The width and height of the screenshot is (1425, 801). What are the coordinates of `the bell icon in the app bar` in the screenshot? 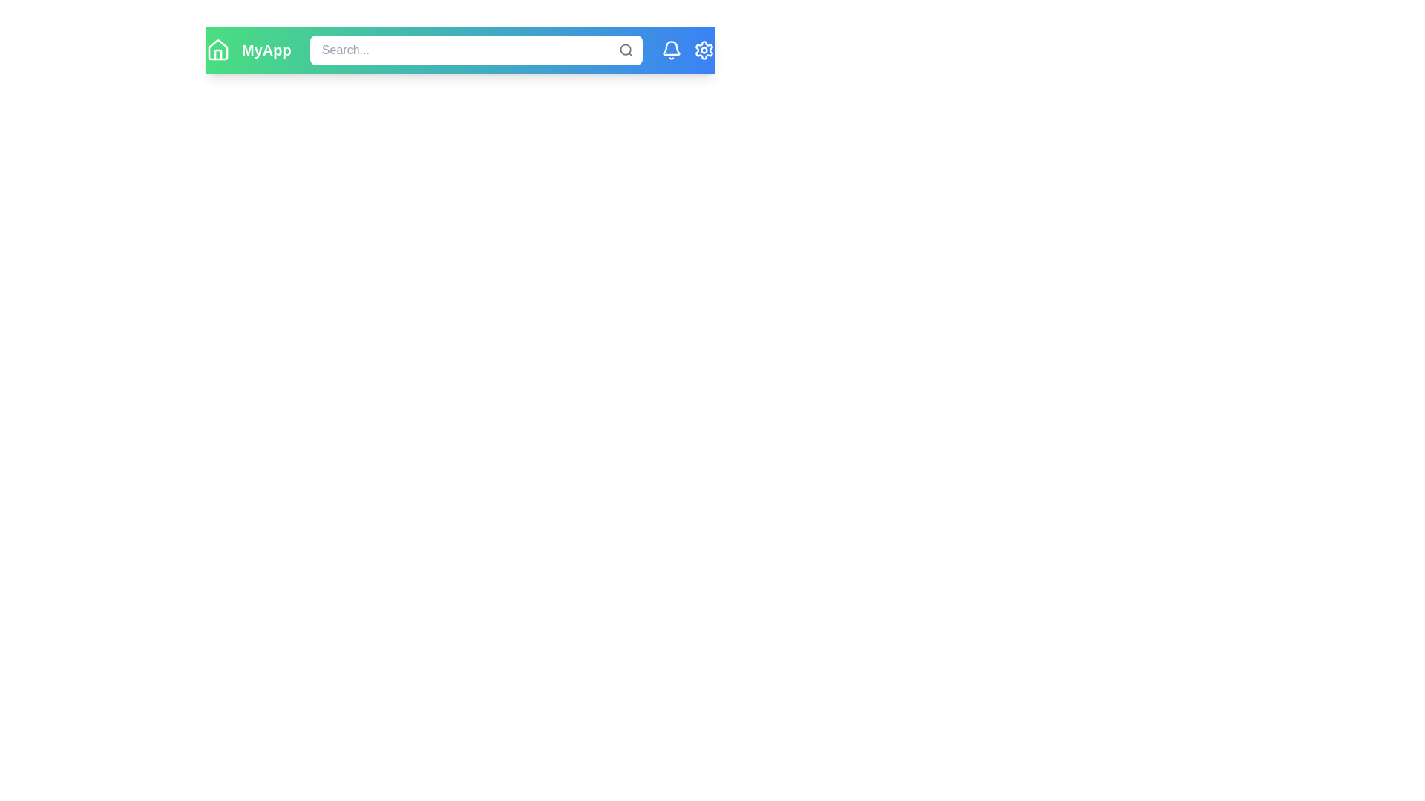 It's located at (670, 50).